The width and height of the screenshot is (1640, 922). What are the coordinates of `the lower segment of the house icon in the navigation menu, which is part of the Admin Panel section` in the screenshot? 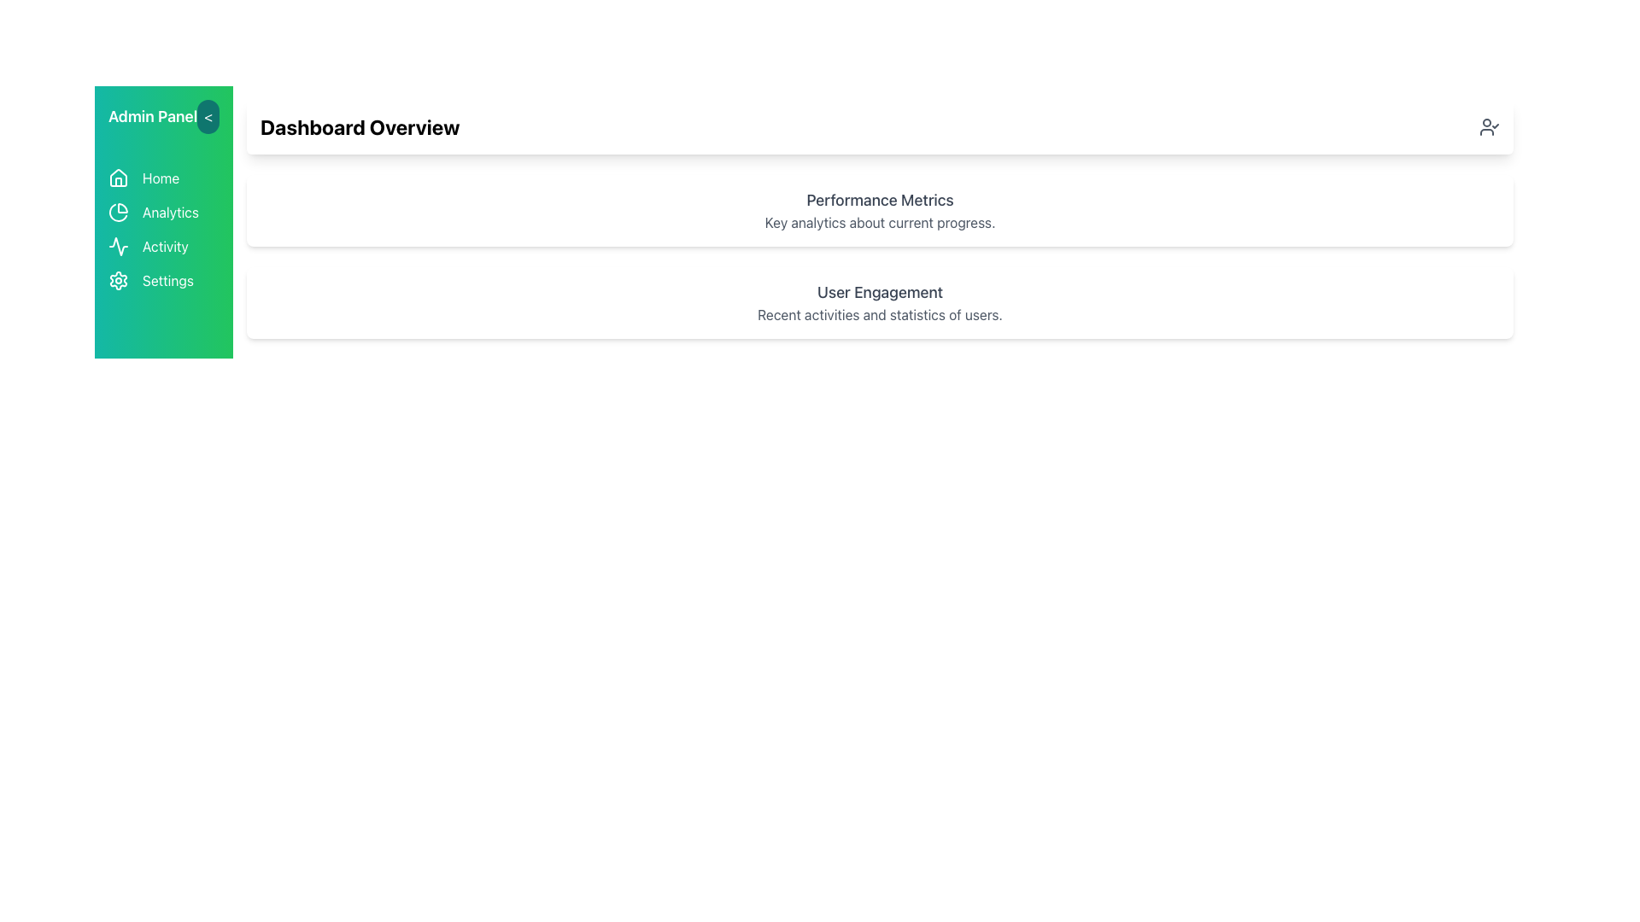 It's located at (118, 182).